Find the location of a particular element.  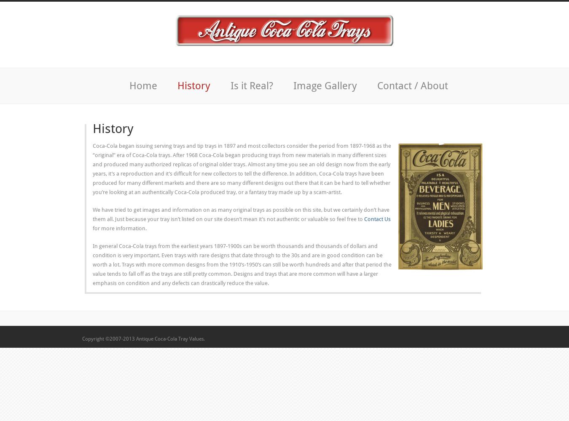

'Contact Us' is located at coordinates (377, 219).